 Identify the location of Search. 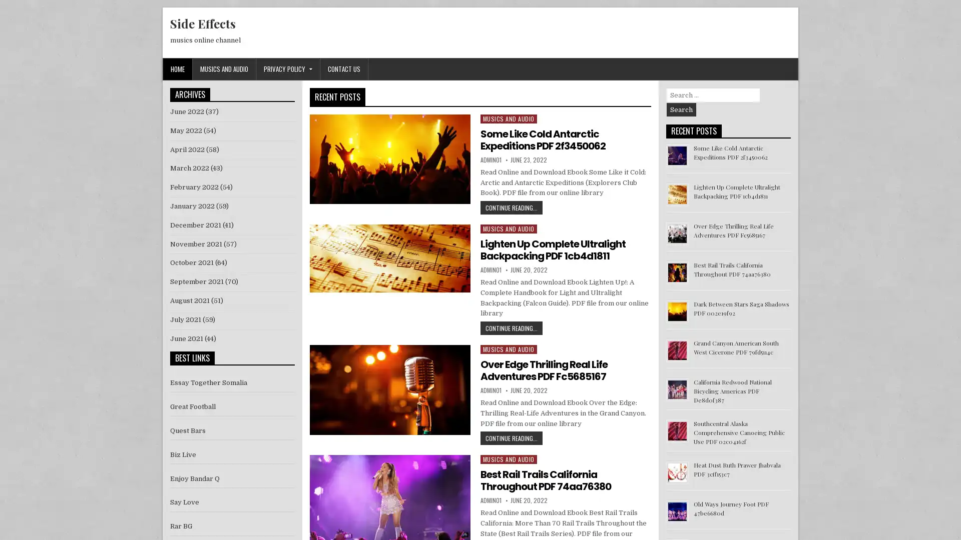
(681, 109).